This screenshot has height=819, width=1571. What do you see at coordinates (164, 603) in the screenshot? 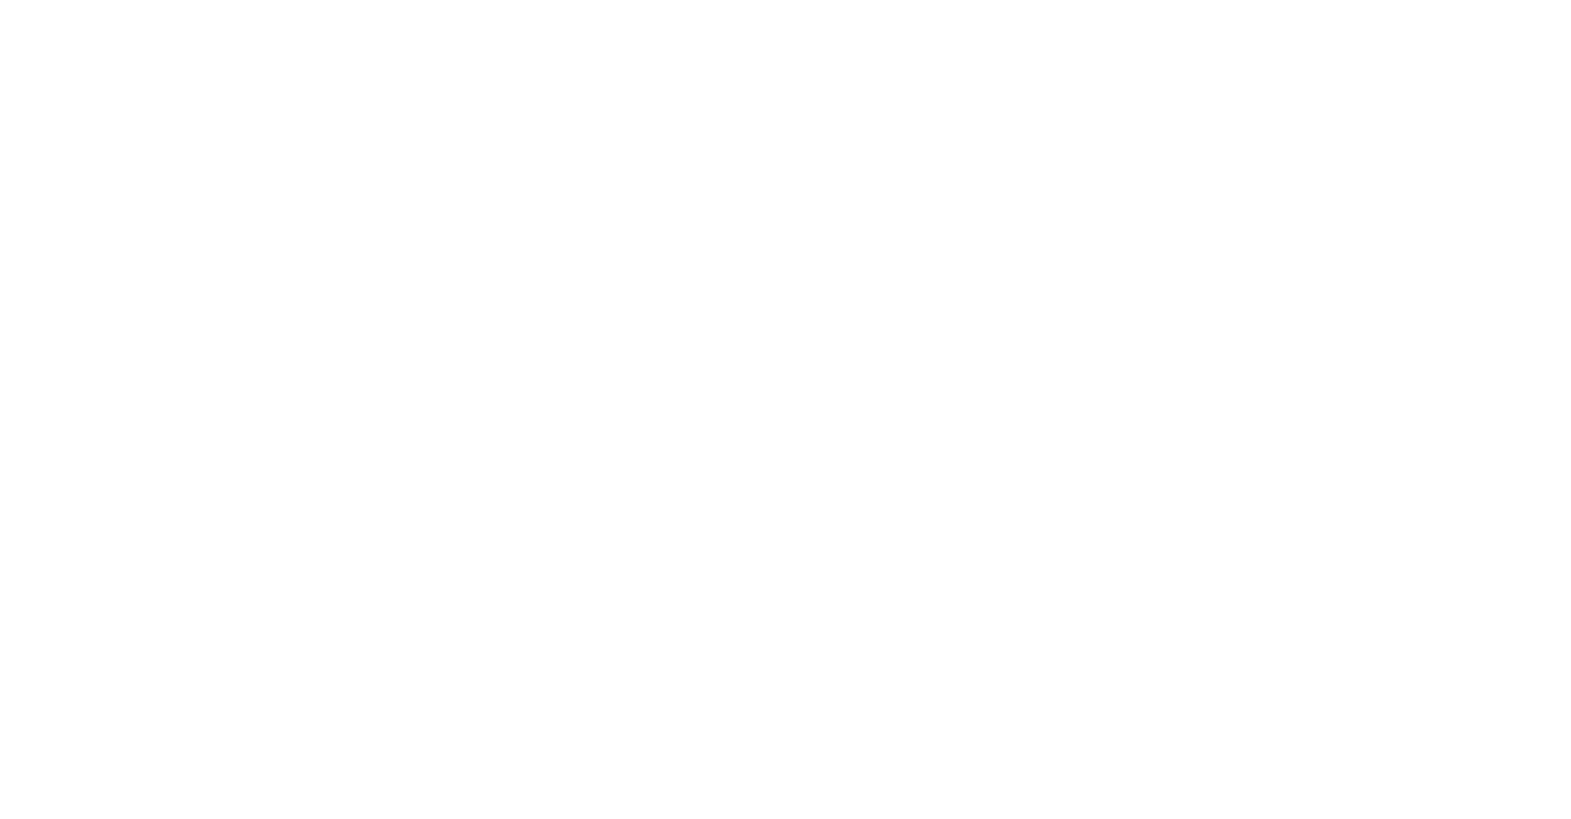
I see `'Land der erfolgreichen Innovatoren zu sein,'` at bounding box center [164, 603].